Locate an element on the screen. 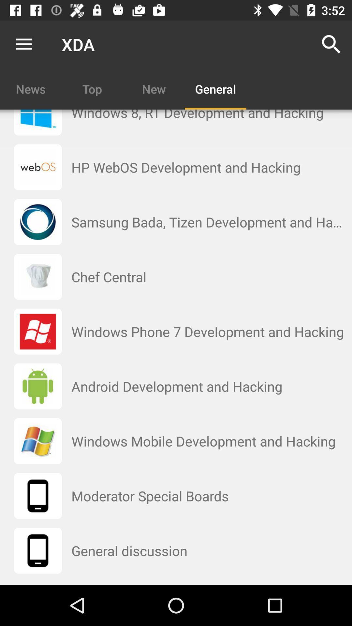  the icon at the top right corner is located at coordinates (331, 44).